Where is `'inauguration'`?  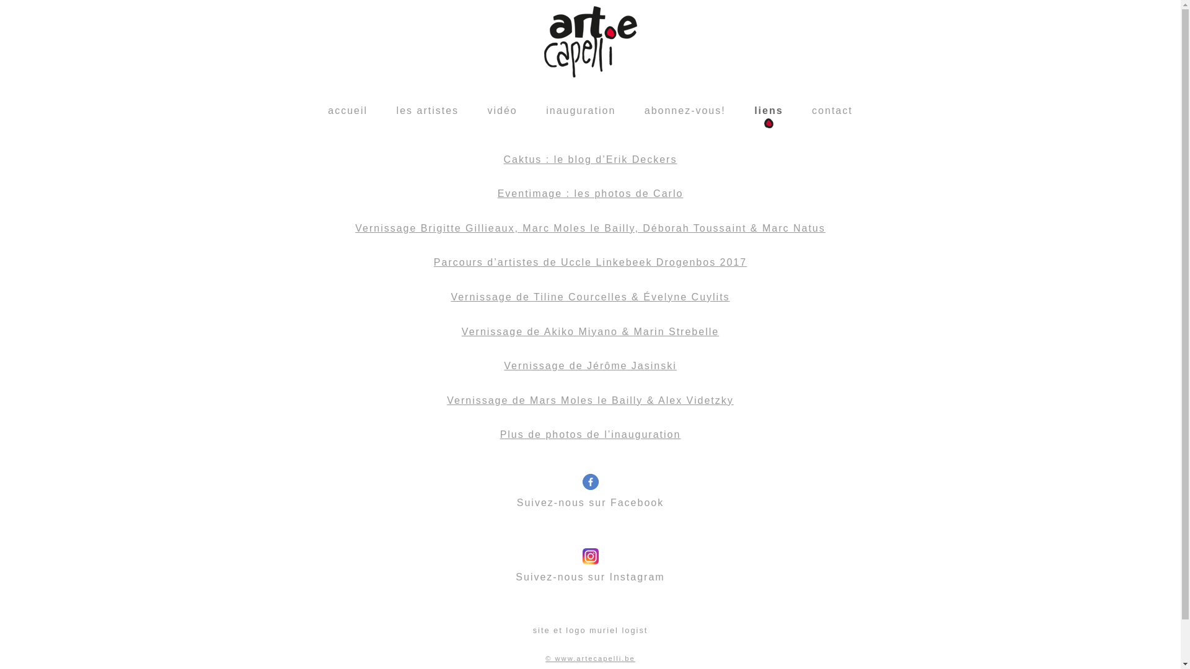 'inauguration' is located at coordinates (580, 110).